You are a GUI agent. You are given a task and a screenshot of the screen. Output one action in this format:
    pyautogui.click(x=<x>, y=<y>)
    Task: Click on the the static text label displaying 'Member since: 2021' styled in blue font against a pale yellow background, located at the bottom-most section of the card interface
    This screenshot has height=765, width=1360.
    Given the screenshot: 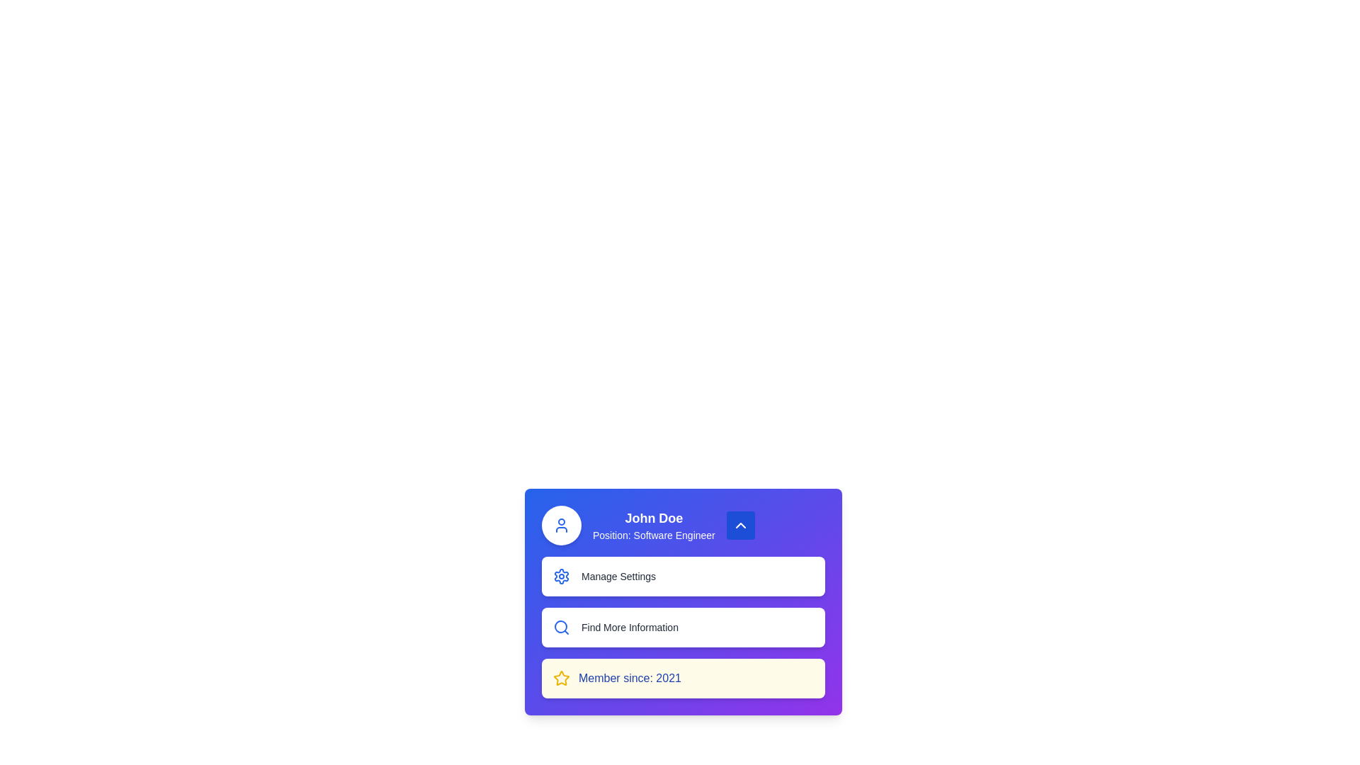 What is the action you would take?
    pyautogui.click(x=629, y=677)
    